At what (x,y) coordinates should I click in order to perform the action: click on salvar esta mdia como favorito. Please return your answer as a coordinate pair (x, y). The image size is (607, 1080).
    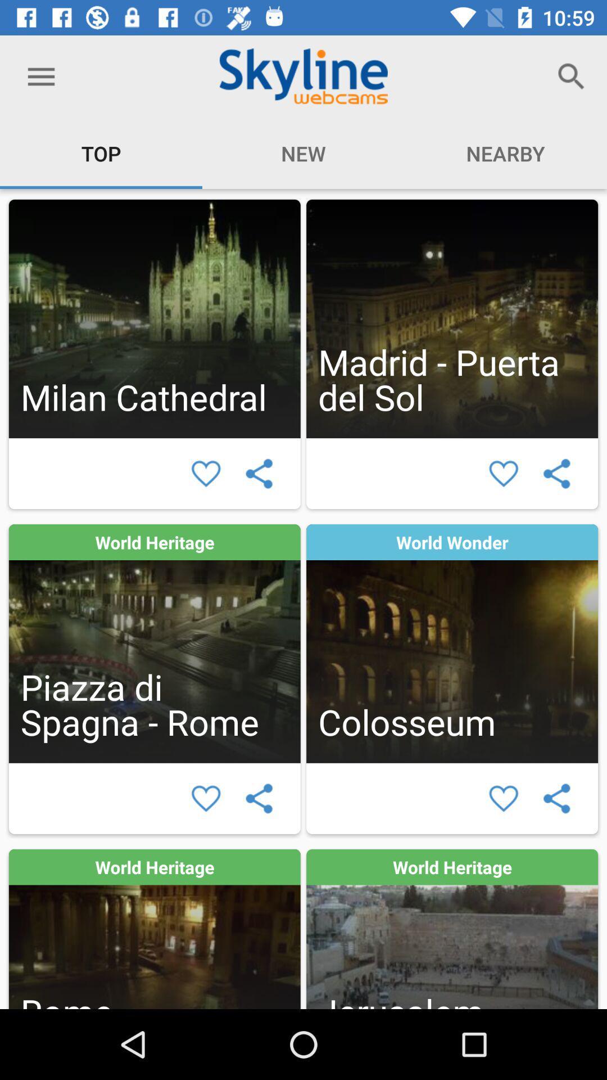
    Looking at the image, I should click on (206, 798).